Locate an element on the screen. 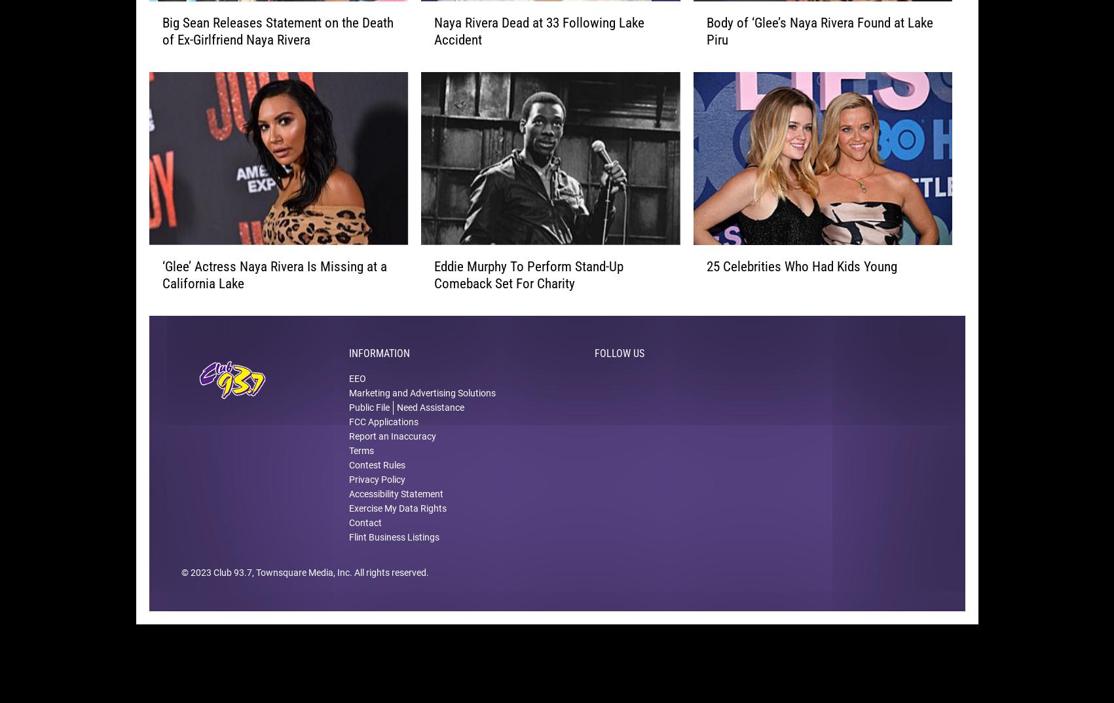 Image resolution: width=1114 pixels, height=703 pixels. 'Privacy Policy' is located at coordinates (376, 499).